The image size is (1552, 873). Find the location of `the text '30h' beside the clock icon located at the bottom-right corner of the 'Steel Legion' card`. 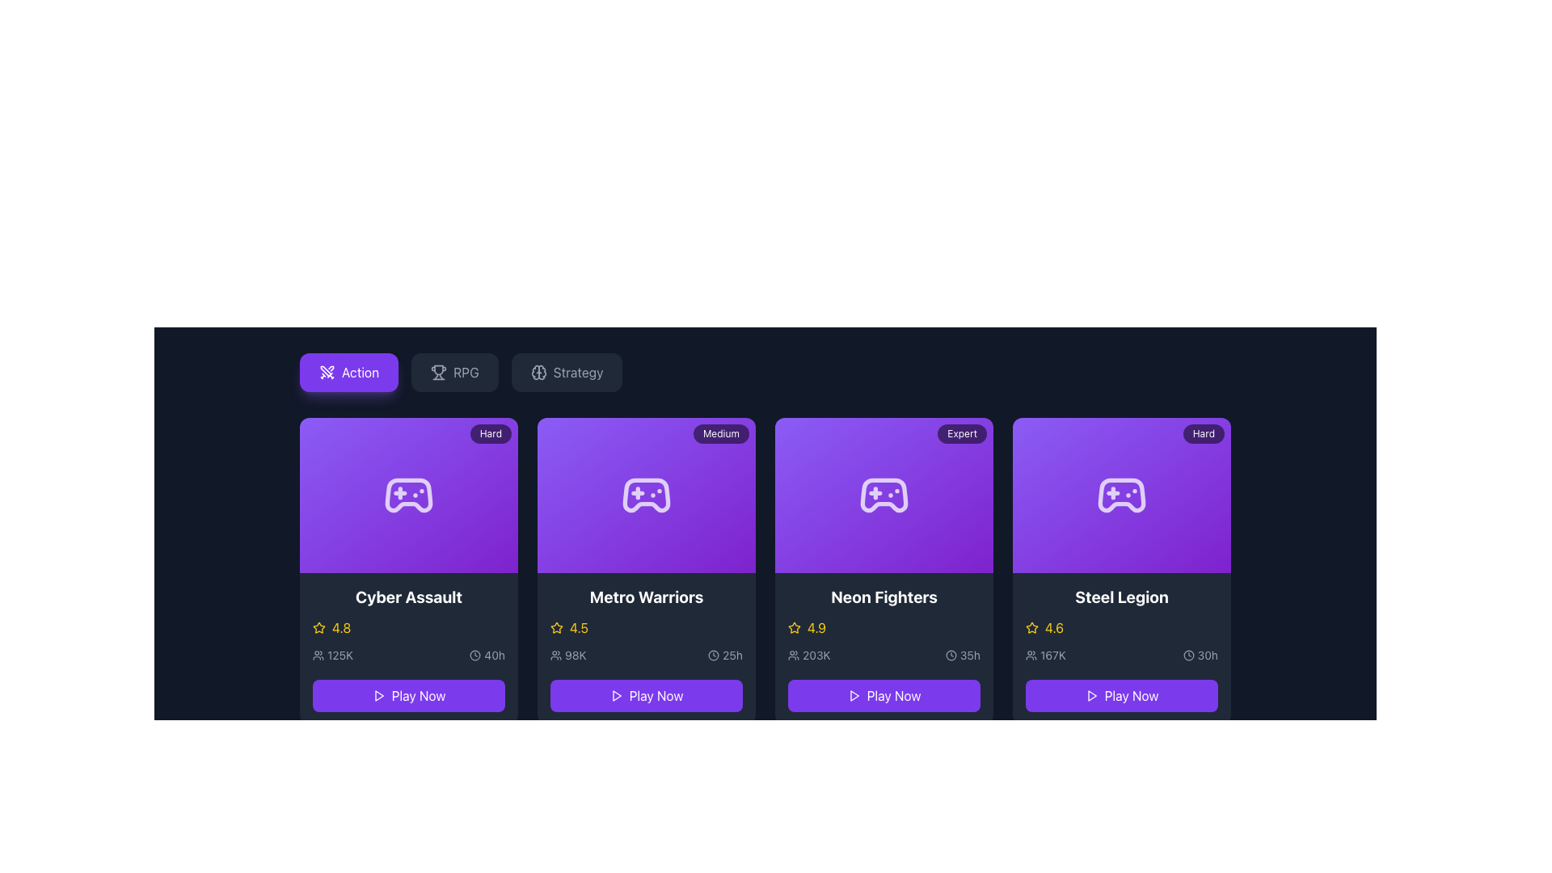

the text '30h' beside the clock icon located at the bottom-right corner of the 'Steel Legion' card is located at coordinates (1200, 655).